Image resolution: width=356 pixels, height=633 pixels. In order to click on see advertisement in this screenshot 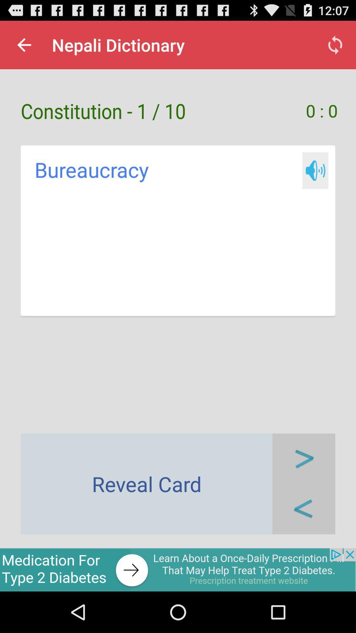, I will do `click(178, 569)`.